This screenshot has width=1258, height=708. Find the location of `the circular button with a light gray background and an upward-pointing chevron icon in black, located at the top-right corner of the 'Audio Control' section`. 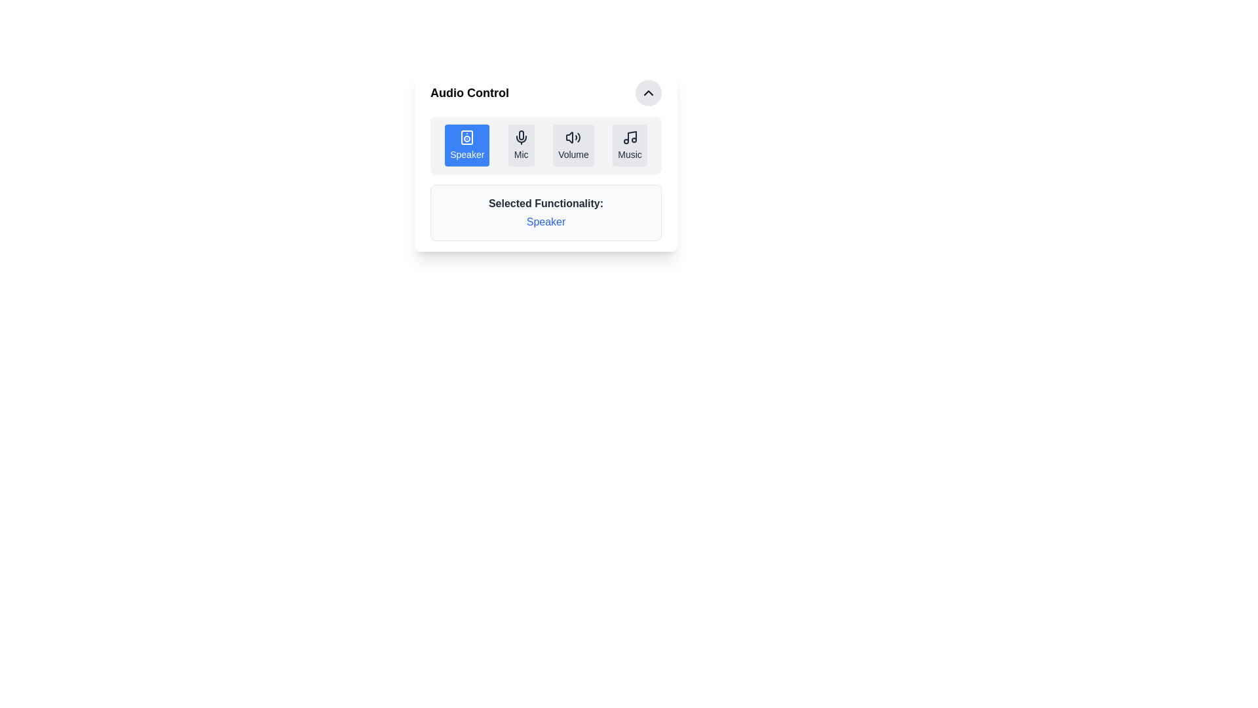

the circular button with a light gray background and an upward-pointing chevron icon in black, located at the top-right corner of the 'Audio Control' section is located at coordinates (648, 92).